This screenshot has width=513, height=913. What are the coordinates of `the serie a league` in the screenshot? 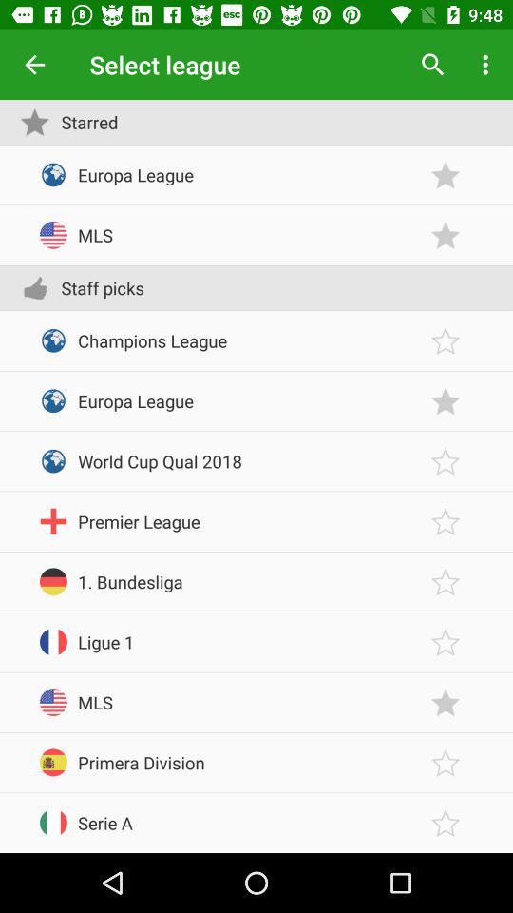 It's located at (446, 822).